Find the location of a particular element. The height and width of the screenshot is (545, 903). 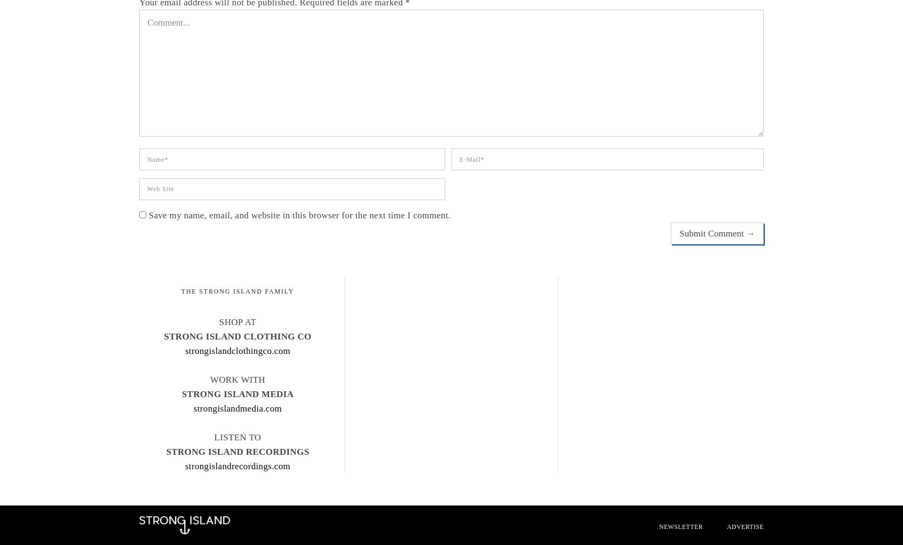

'Save my name, email, and website in this browser for the next time I comment.' is located at coordinates (299, 215).